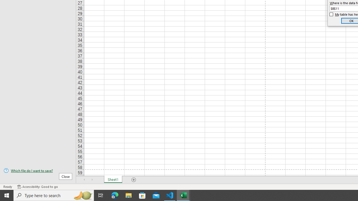  I want to click on 'Scroll Left', so click(84, 180).